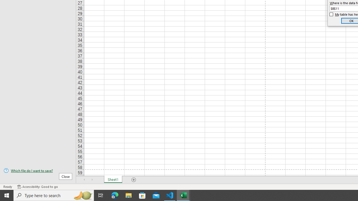  I want to click on 'Scroll Left', so click(84, 180).